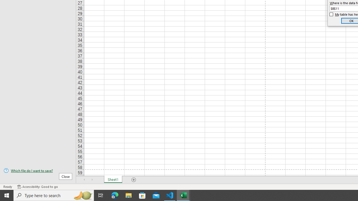  I want to click on 'Scroll Left', so click(84, 180).